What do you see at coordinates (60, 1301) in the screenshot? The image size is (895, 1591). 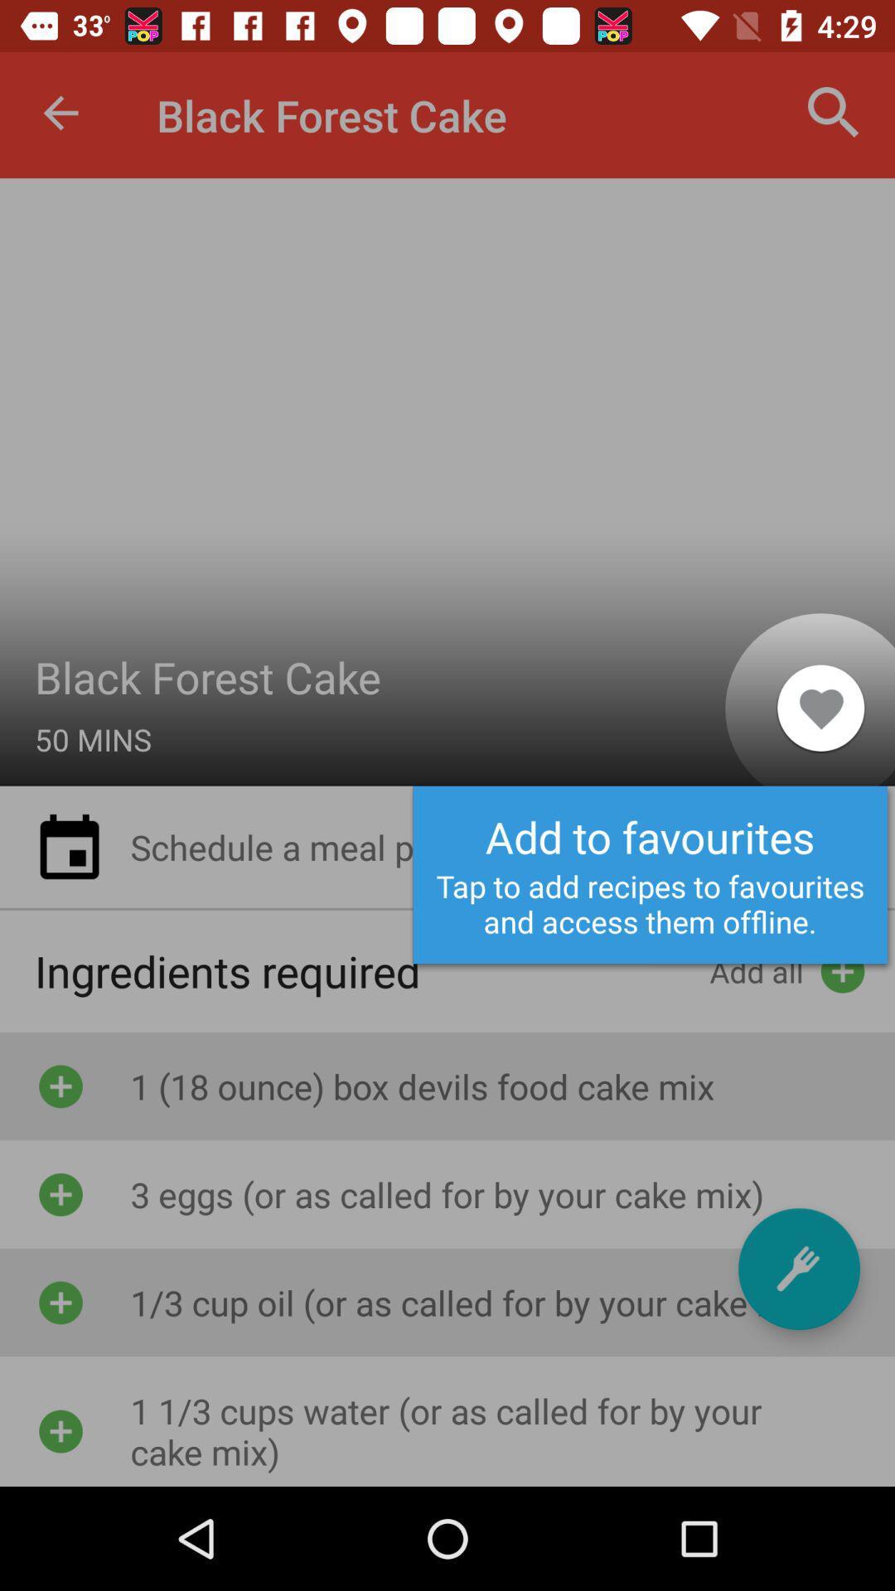 I see `the third plus icon` at bounding box center [60, 1301].